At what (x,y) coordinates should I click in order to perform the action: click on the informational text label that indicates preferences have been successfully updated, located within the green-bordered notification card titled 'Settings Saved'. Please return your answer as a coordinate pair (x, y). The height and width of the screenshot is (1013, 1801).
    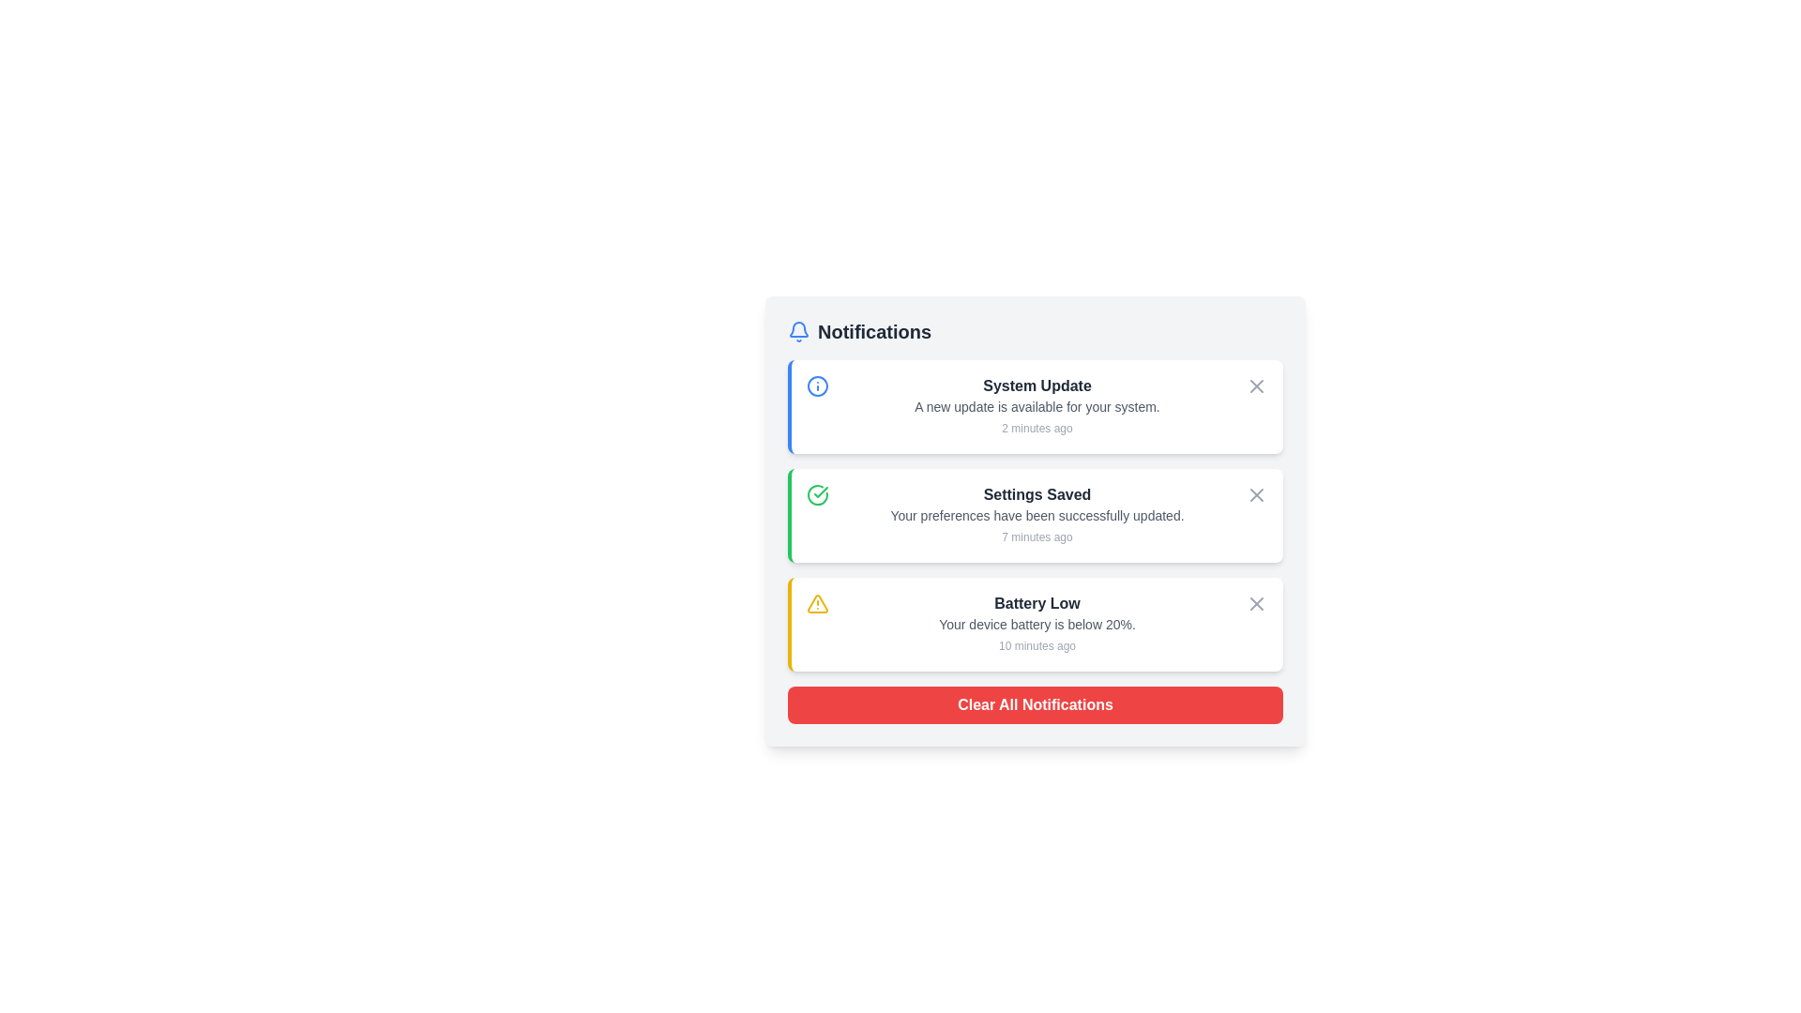
    Looking at the image, I should click on (1036, 516).